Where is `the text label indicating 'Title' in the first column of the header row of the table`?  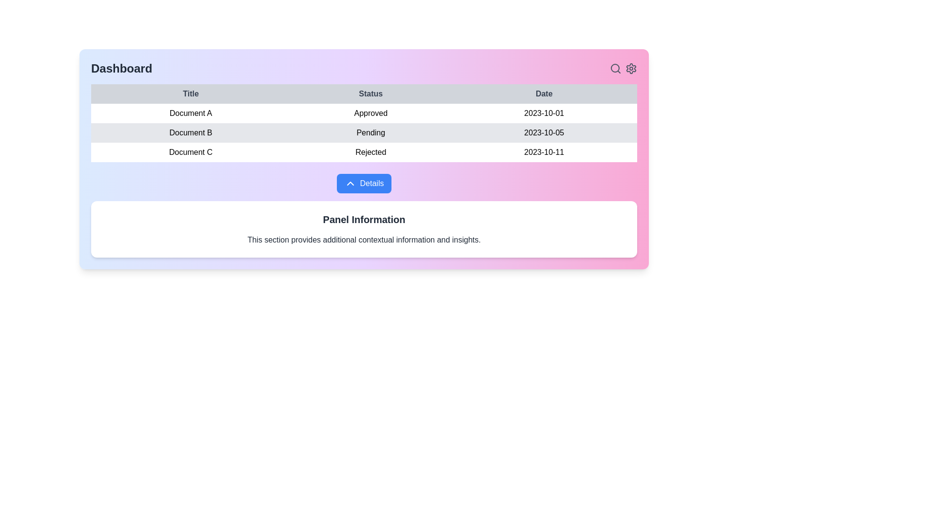
the text label indicating 'Title' in the first column of the header row of the table is located at coordinates (191, 94).